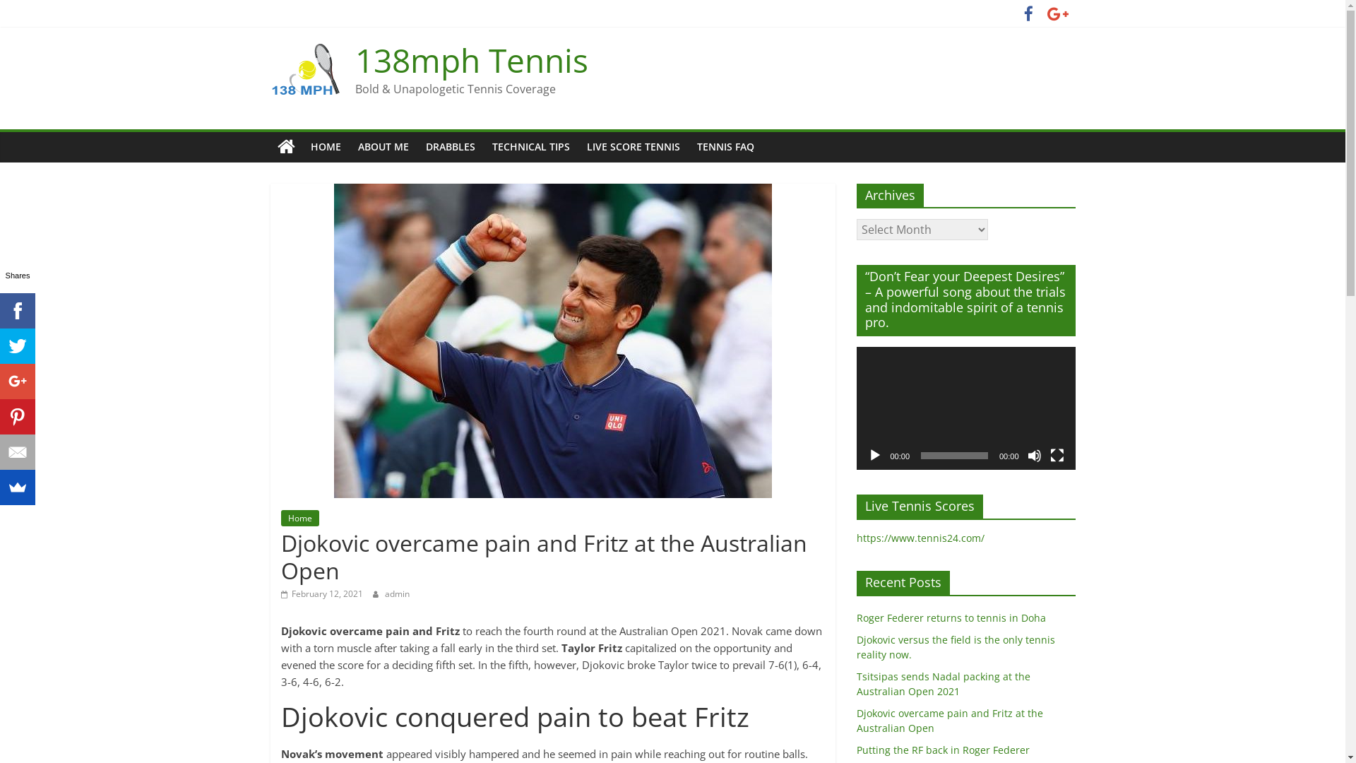 This screenshot has height=763, width=1356. I want to click on 'Play', so click(874, 455).